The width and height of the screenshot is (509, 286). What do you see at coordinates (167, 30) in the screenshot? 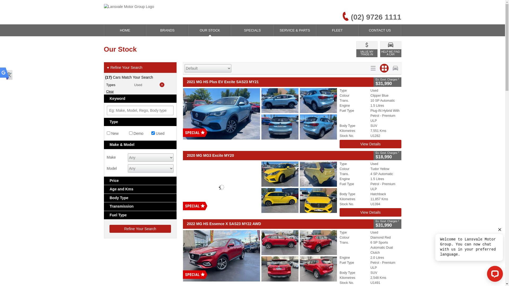
I see `'BRANDS'` at bounding box center [167, 30].